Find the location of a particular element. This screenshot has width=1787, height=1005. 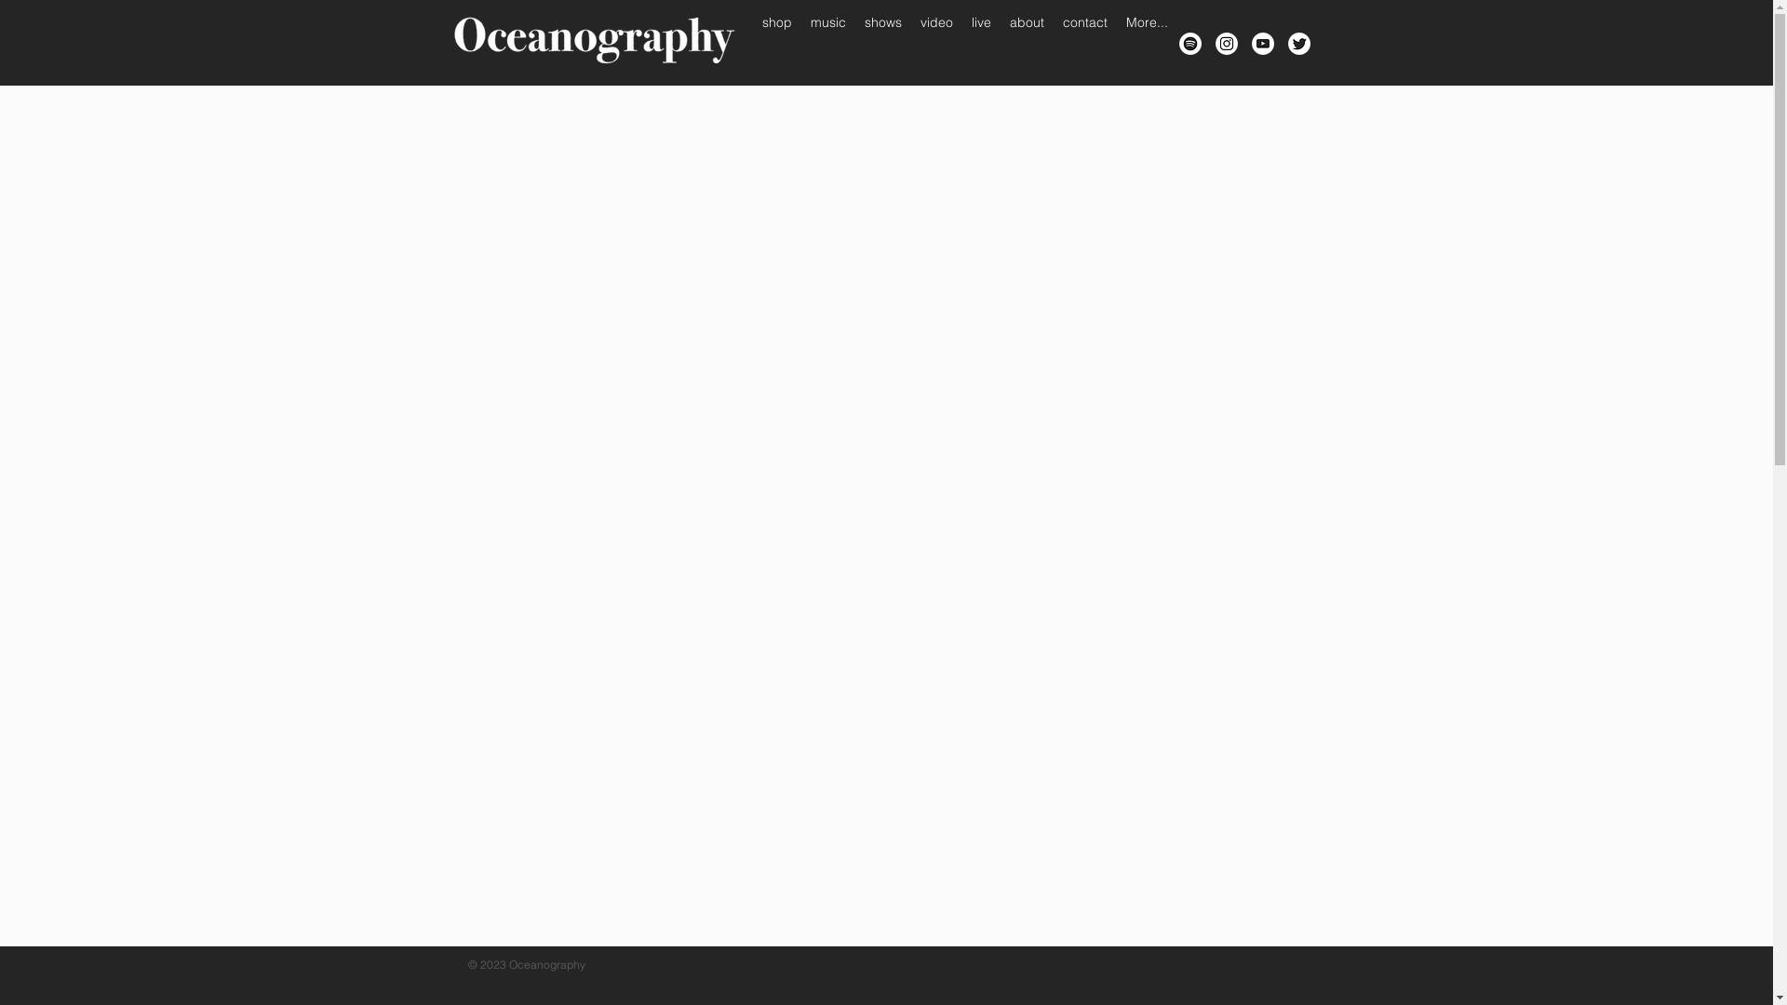

'about' is located at coordinates (1025, 42).